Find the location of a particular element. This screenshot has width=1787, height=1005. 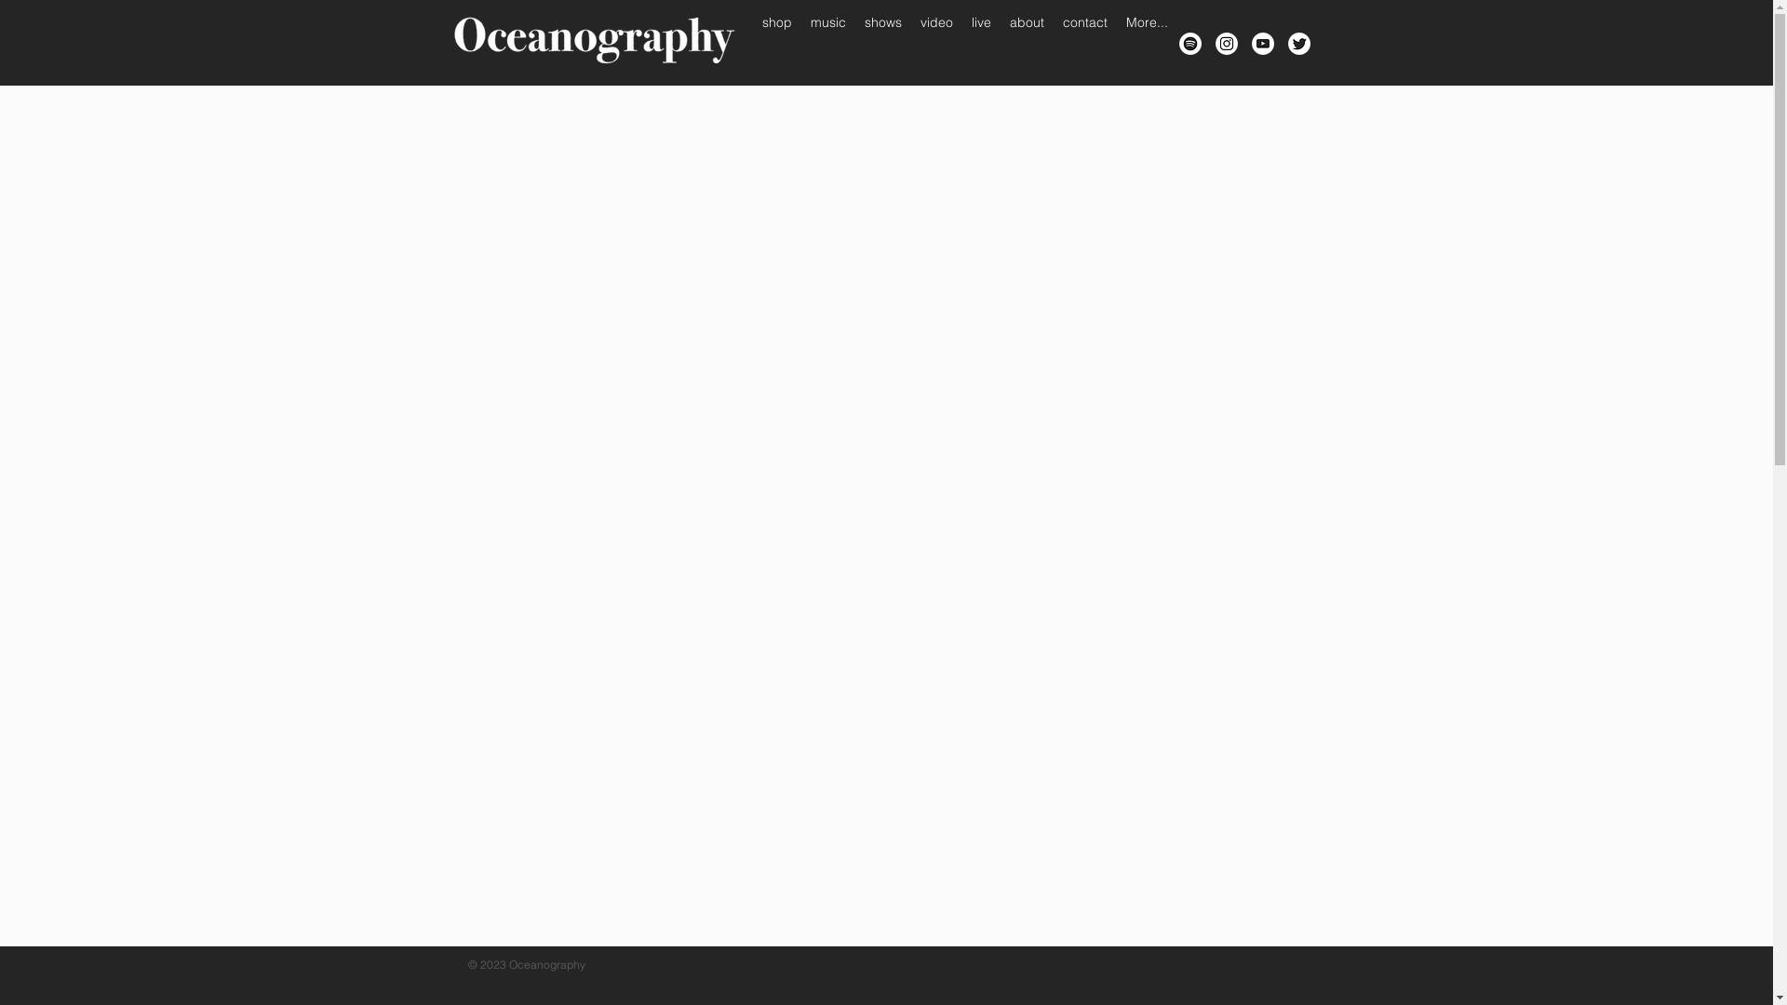

'about' is located at coordinates (1025, 42).